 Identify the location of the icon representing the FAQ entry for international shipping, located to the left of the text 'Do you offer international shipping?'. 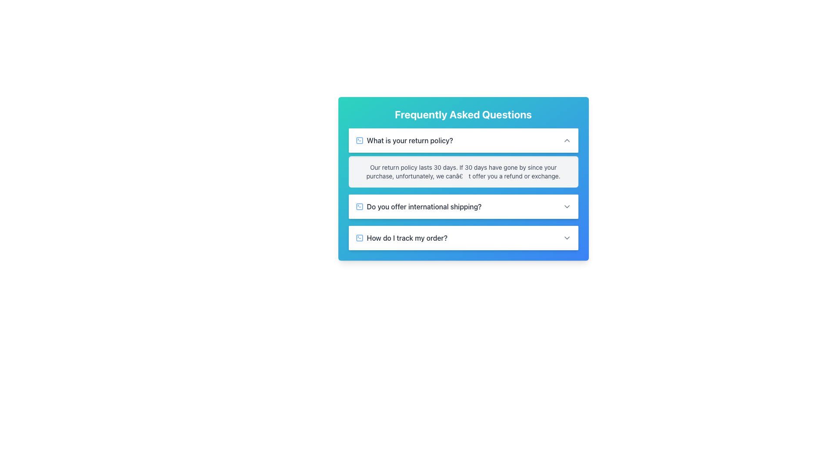
(359, 206).